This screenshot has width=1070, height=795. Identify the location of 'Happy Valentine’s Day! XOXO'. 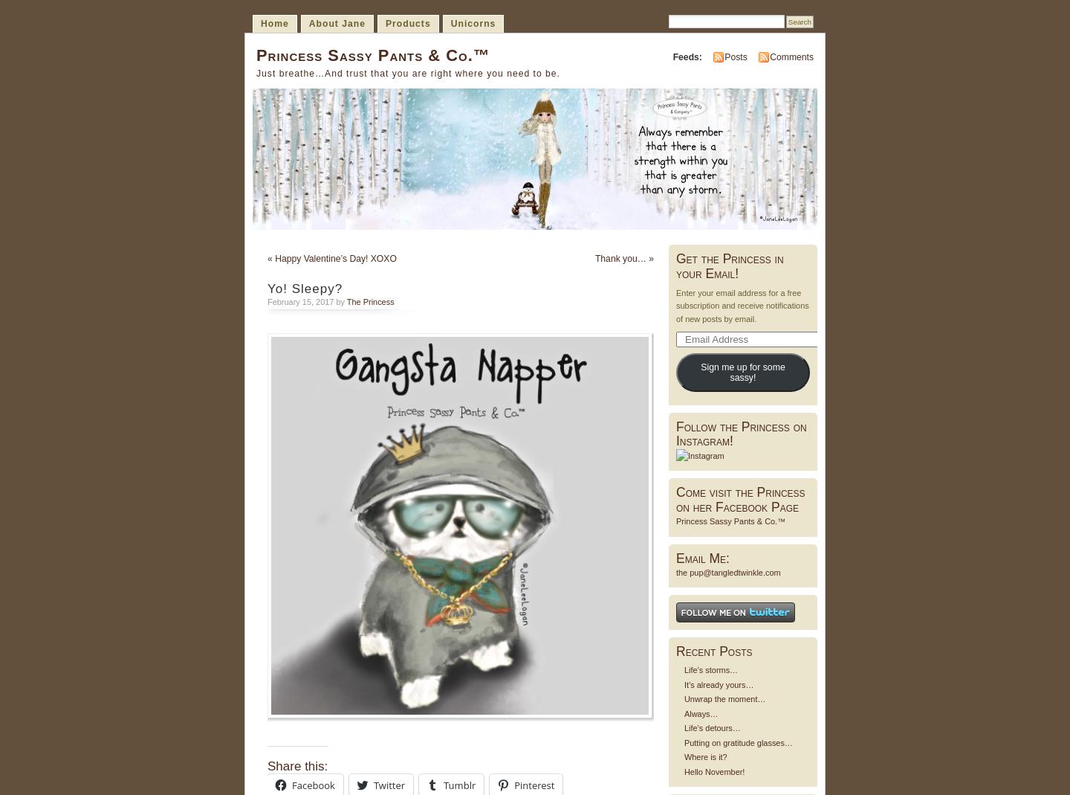
(335, 258).